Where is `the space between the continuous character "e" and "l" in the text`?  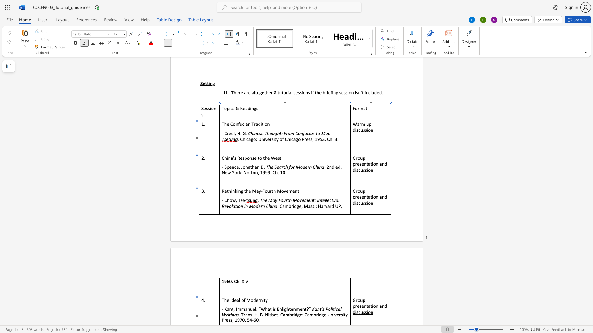 the space between the continuous character "e" and "l" in the text is located at coordinates (324, 200).